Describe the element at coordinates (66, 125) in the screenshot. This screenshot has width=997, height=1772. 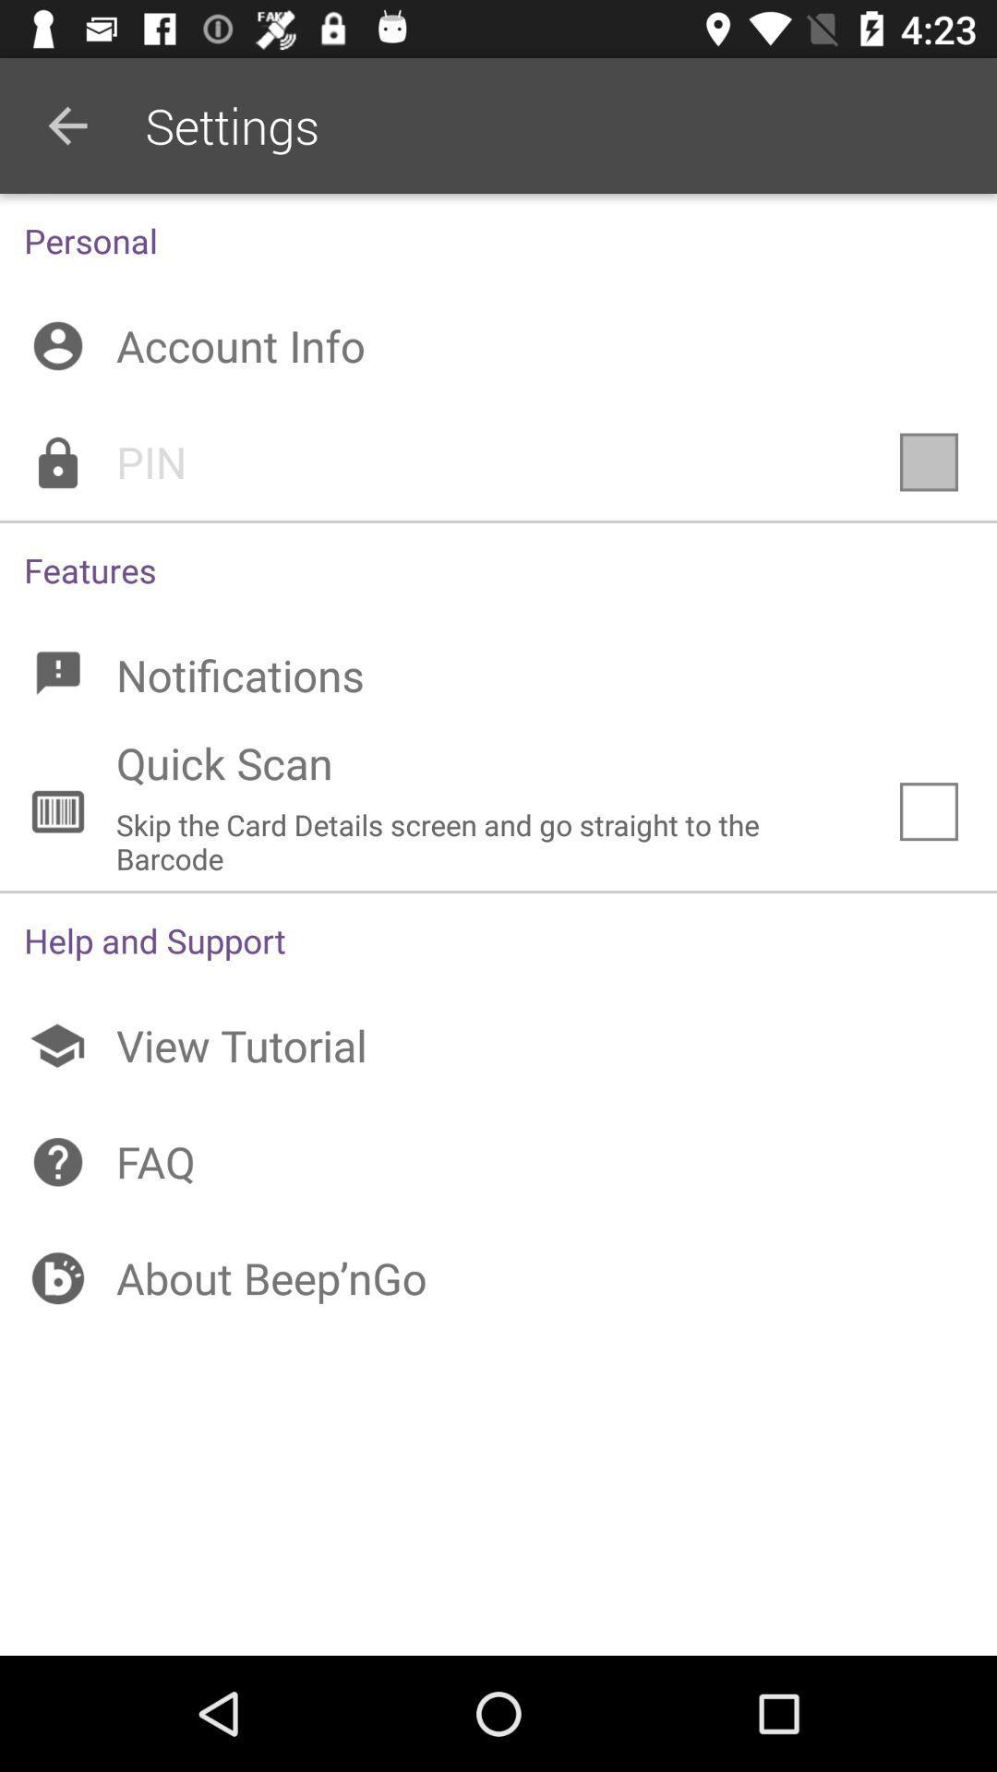
I see `the item next to the settings app` at that location.